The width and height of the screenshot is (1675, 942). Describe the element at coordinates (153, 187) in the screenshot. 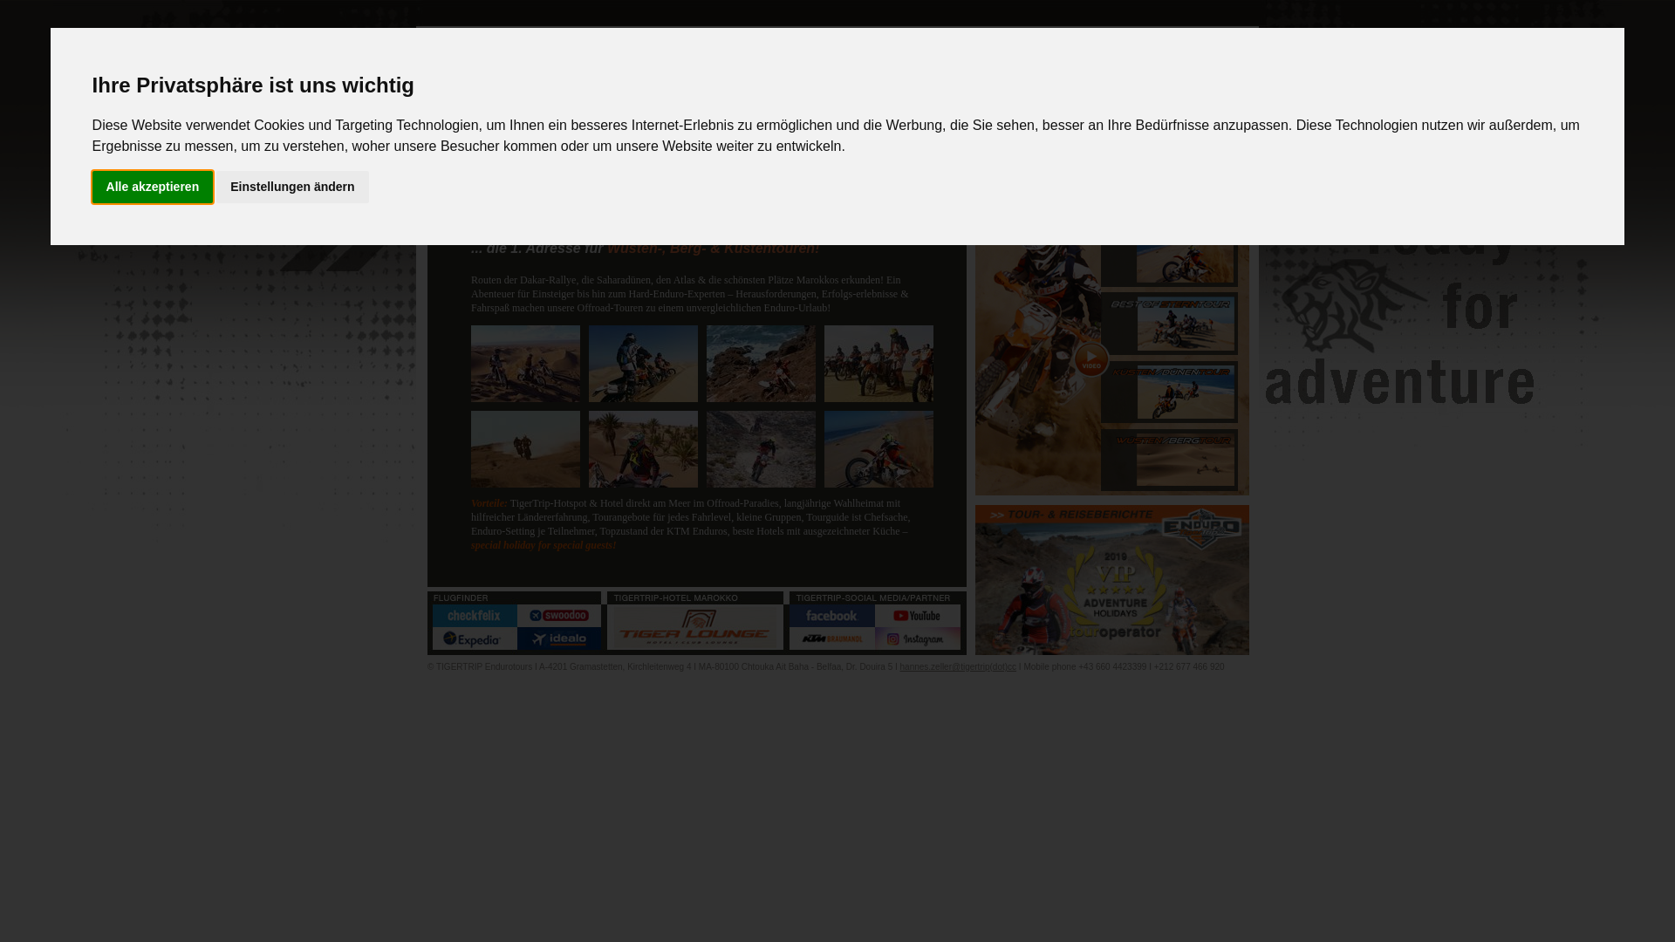

I see `'Alle akzeptieren'` at that location.